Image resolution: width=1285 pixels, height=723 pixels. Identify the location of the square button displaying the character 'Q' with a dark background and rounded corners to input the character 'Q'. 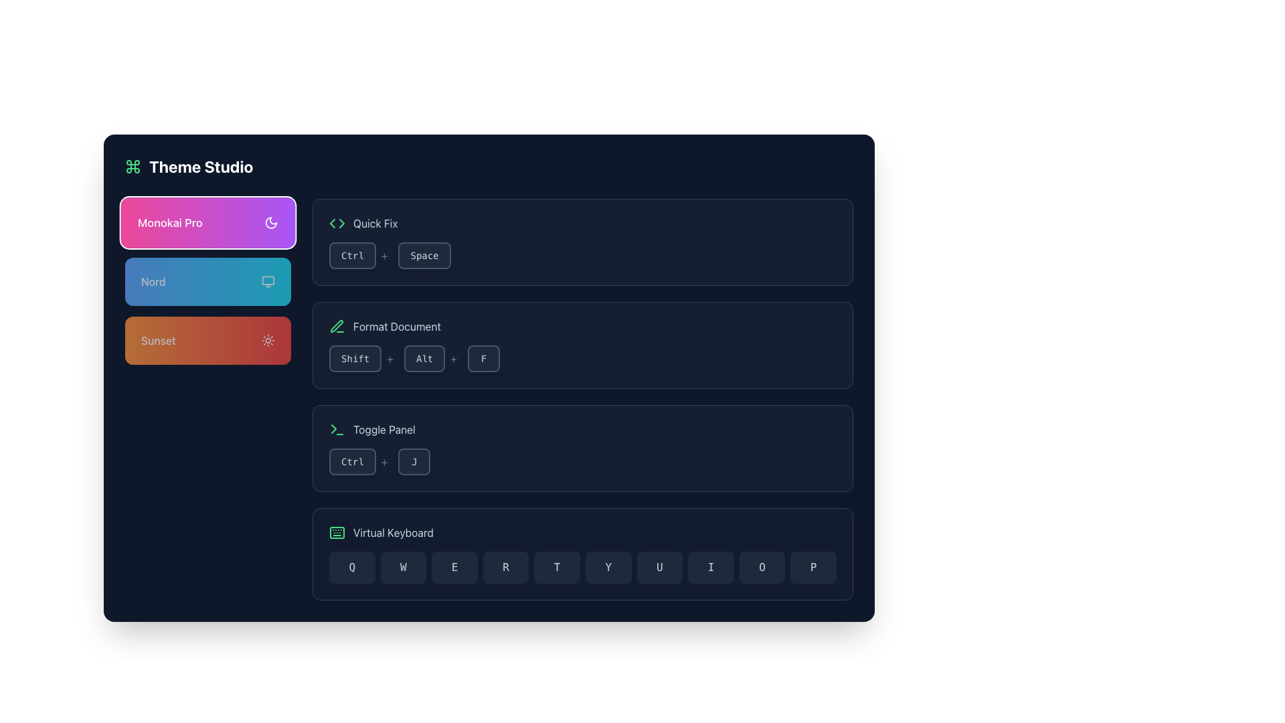
(352, 568).